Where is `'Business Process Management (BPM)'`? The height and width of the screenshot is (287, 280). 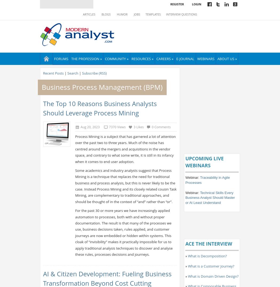 'Business Process Management (BPM)' is located at coordinates (102, 87).